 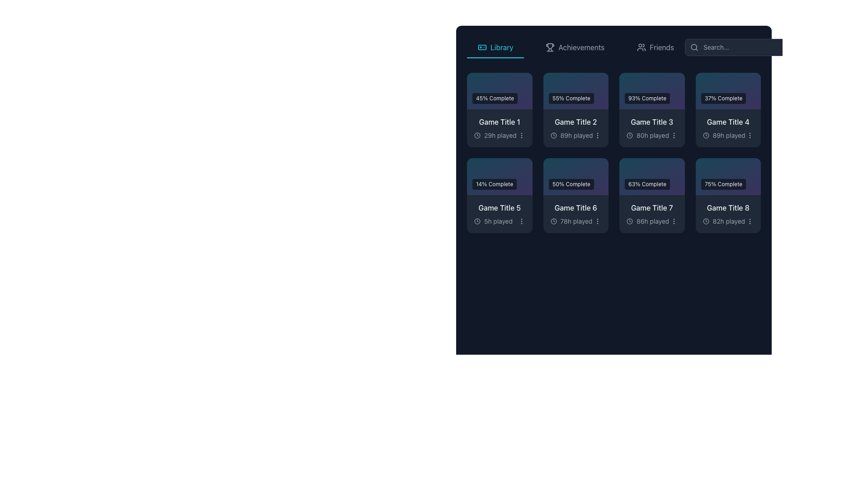 What do you see at coordinates (597, 136) in the screenshot?
I see `the vertical ellipsis icon located to the right of '89h played' for 'Game Title 2'` at bounding box center [597, 136].